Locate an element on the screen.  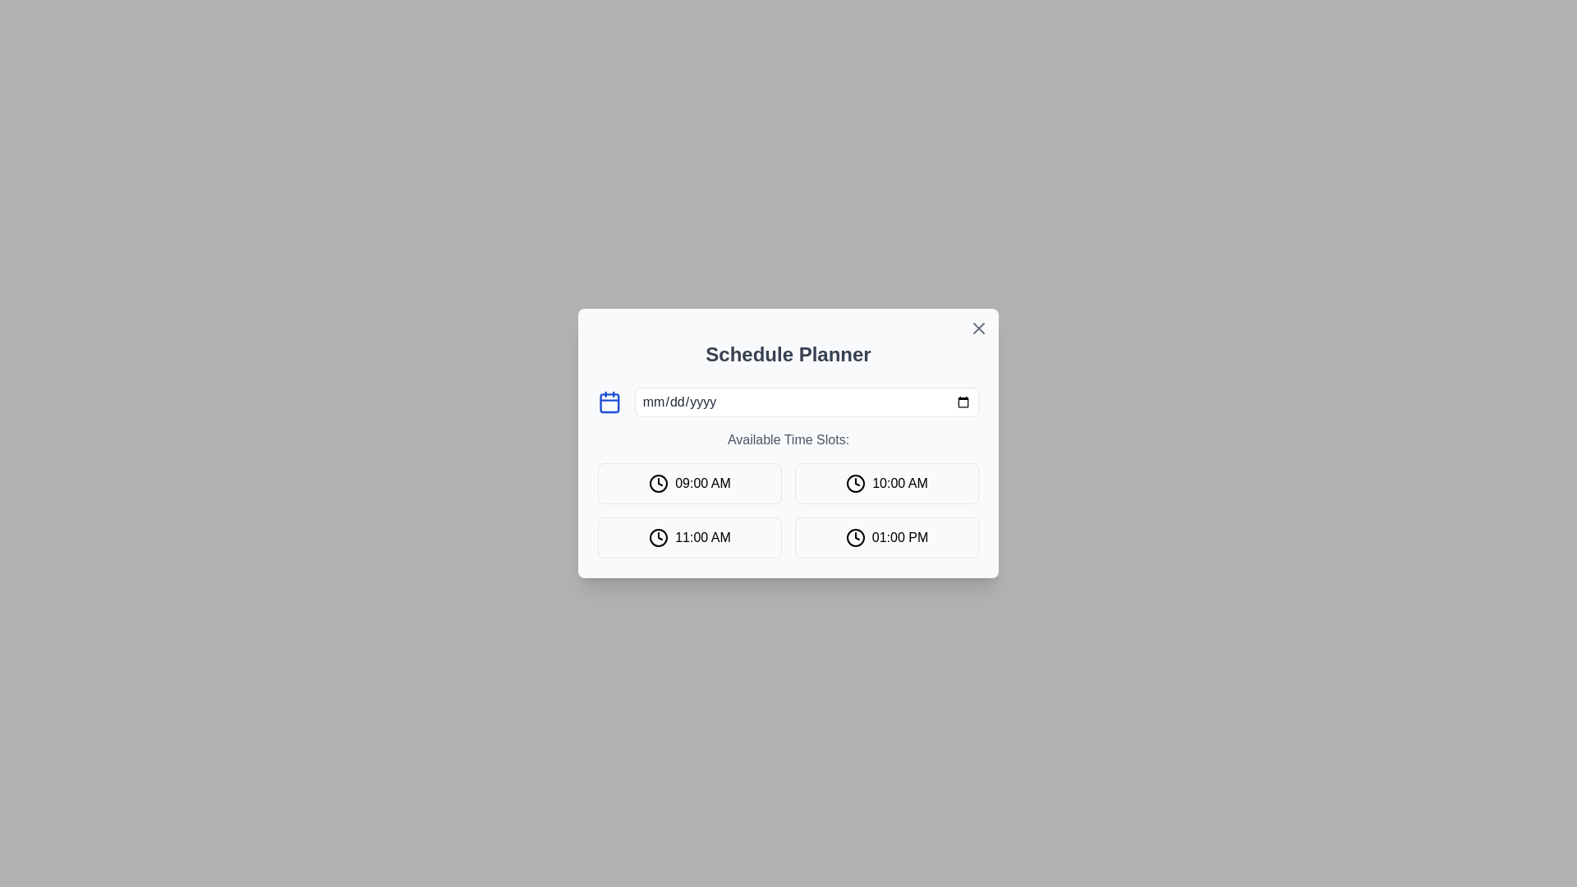
the button for the time slot '10:00 AM' located in the first row, second column of the 'Available Time Slots' grid is located at coordinates (886, 483).